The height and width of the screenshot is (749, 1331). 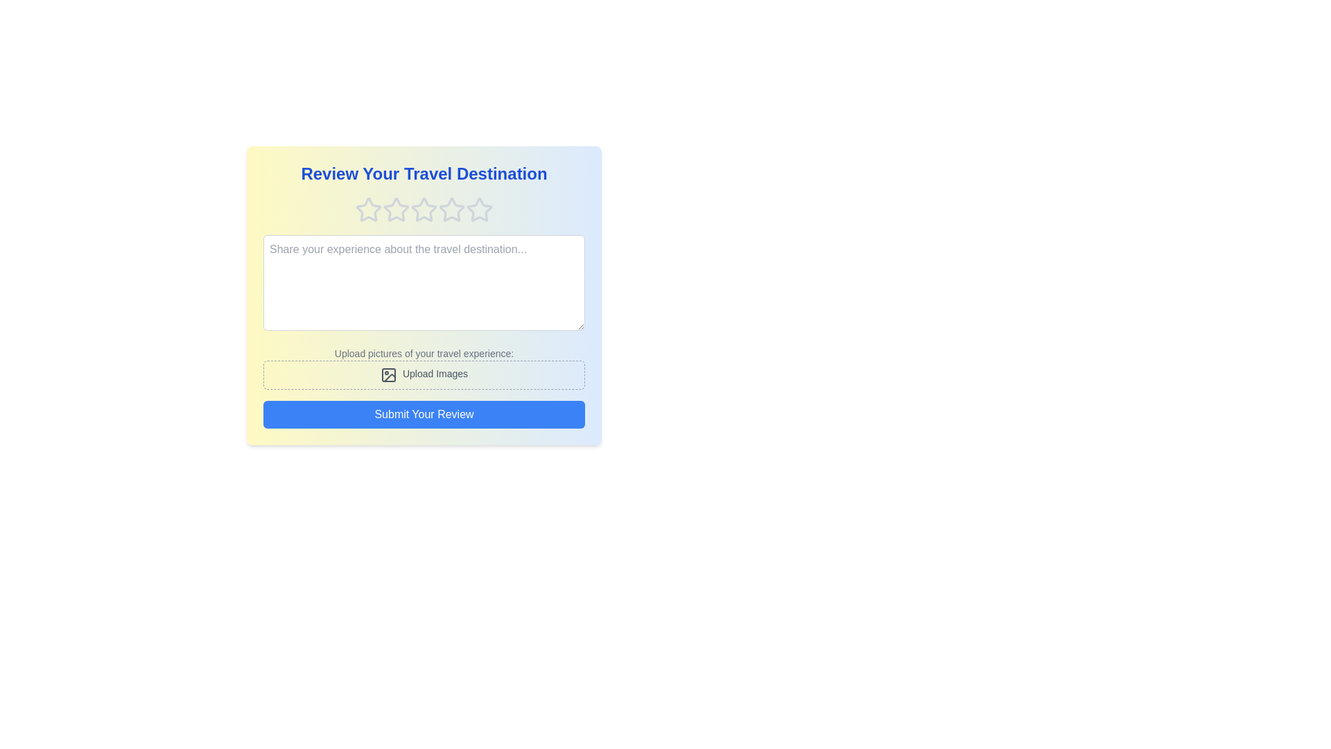 What do you see at coordinates (423, 413) in the screenshot?
I see `the 'Submit Your Review' button` at bounding box center [423, 413].